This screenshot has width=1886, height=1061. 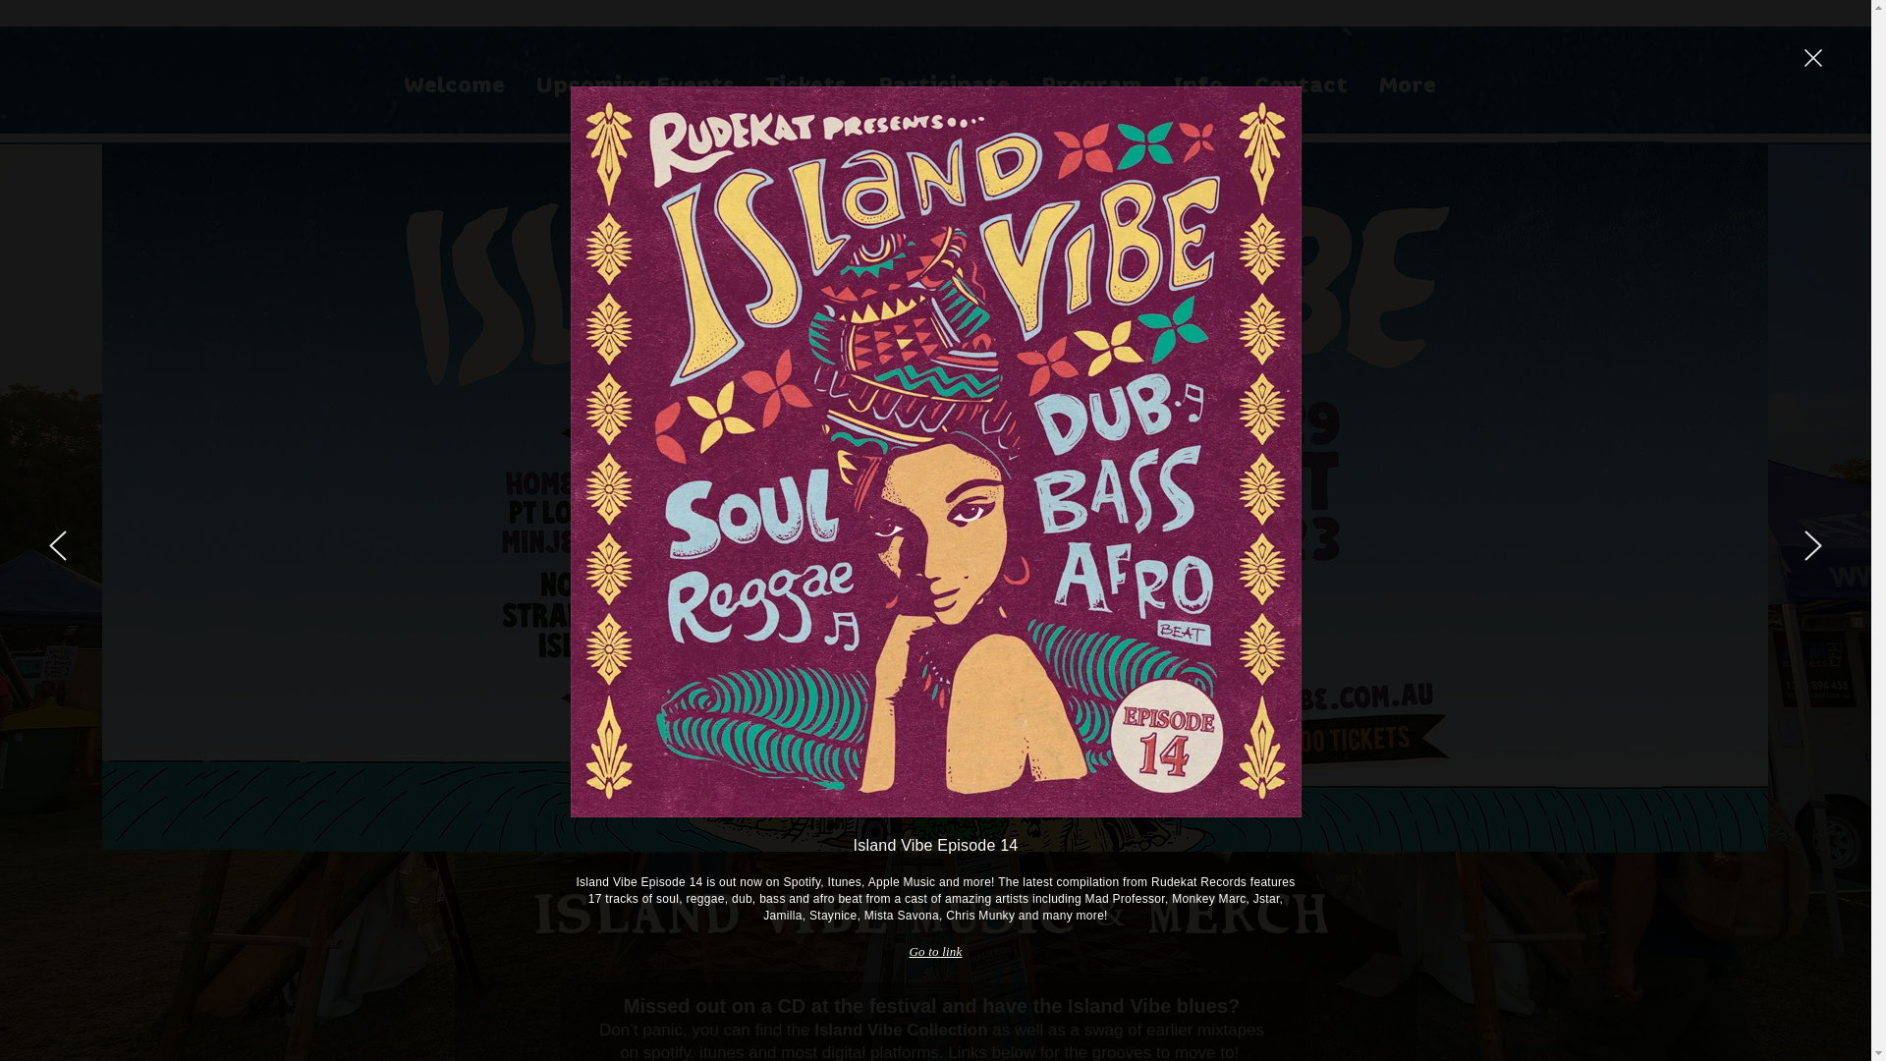 What do you see at coordinates (1196, 83) in the screenshot?
I see `'Info'` at bounding box center [1196, 83].